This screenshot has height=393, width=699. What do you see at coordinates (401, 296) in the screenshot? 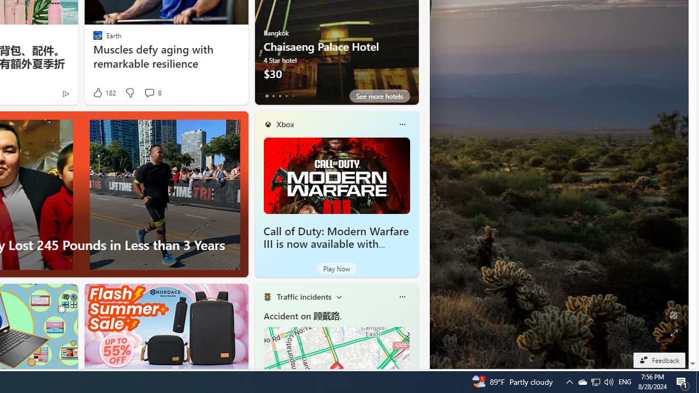
I see `'Class: icon-img'` at bounding box center [401, 296].